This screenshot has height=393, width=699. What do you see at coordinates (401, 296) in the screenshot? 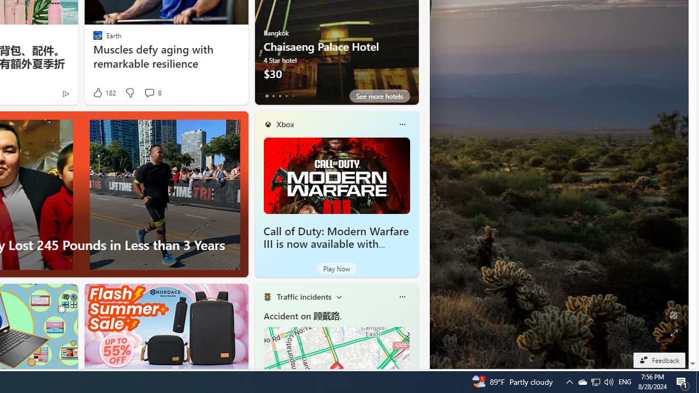
I see `'Class: icon-img'` at bounding box center [401, 296].